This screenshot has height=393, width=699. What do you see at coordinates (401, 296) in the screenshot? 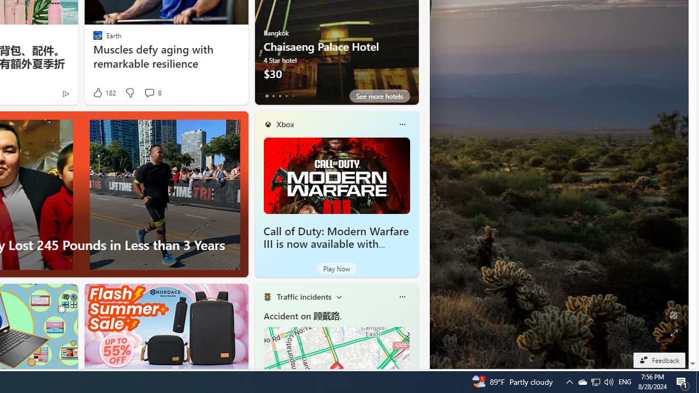
I see `'Class: icon-img'` at bounding box center [401, 296].